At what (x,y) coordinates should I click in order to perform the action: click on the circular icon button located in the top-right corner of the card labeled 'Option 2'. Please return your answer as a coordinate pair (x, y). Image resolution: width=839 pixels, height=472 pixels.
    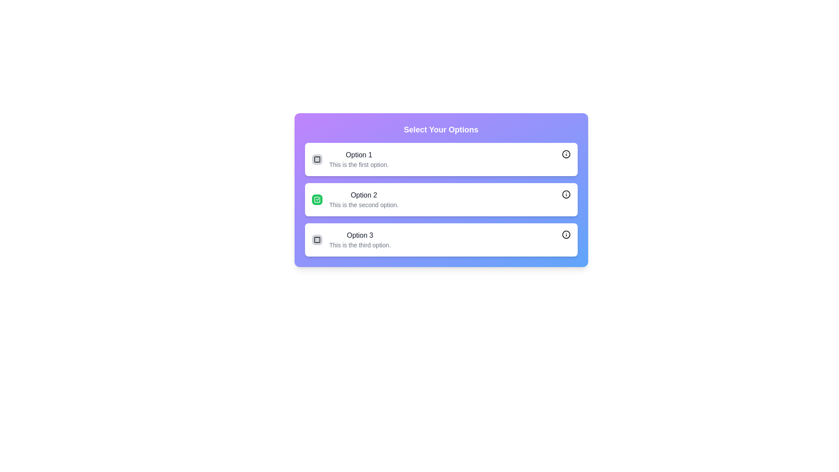
    Looking at the image, I should click on (566, 194).